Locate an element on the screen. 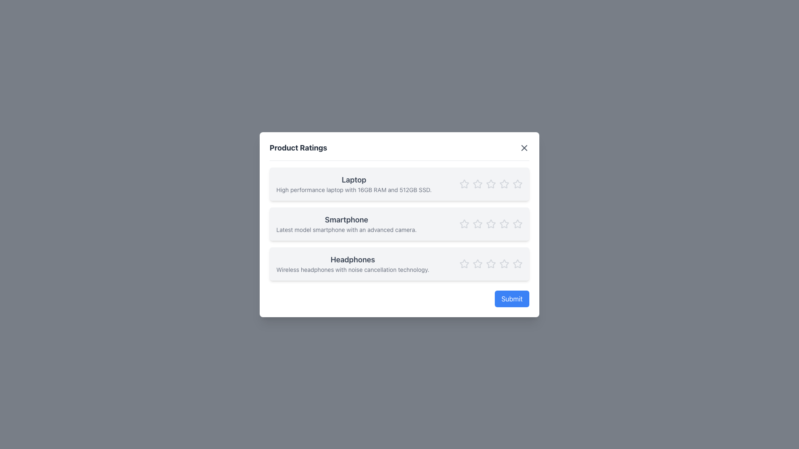 The height and width of the screenshot is (449, 799). the text block that describes the product 'Headphones' with features of being wireless and noise cancellation, located under the 'Product Ratings' section is located at coordinates (352, 264).